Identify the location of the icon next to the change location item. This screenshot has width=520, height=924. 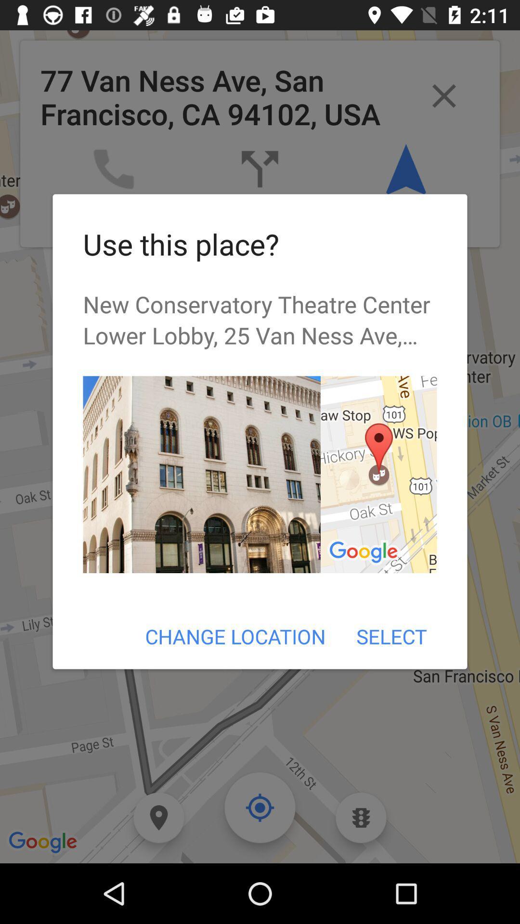
(391, 636).